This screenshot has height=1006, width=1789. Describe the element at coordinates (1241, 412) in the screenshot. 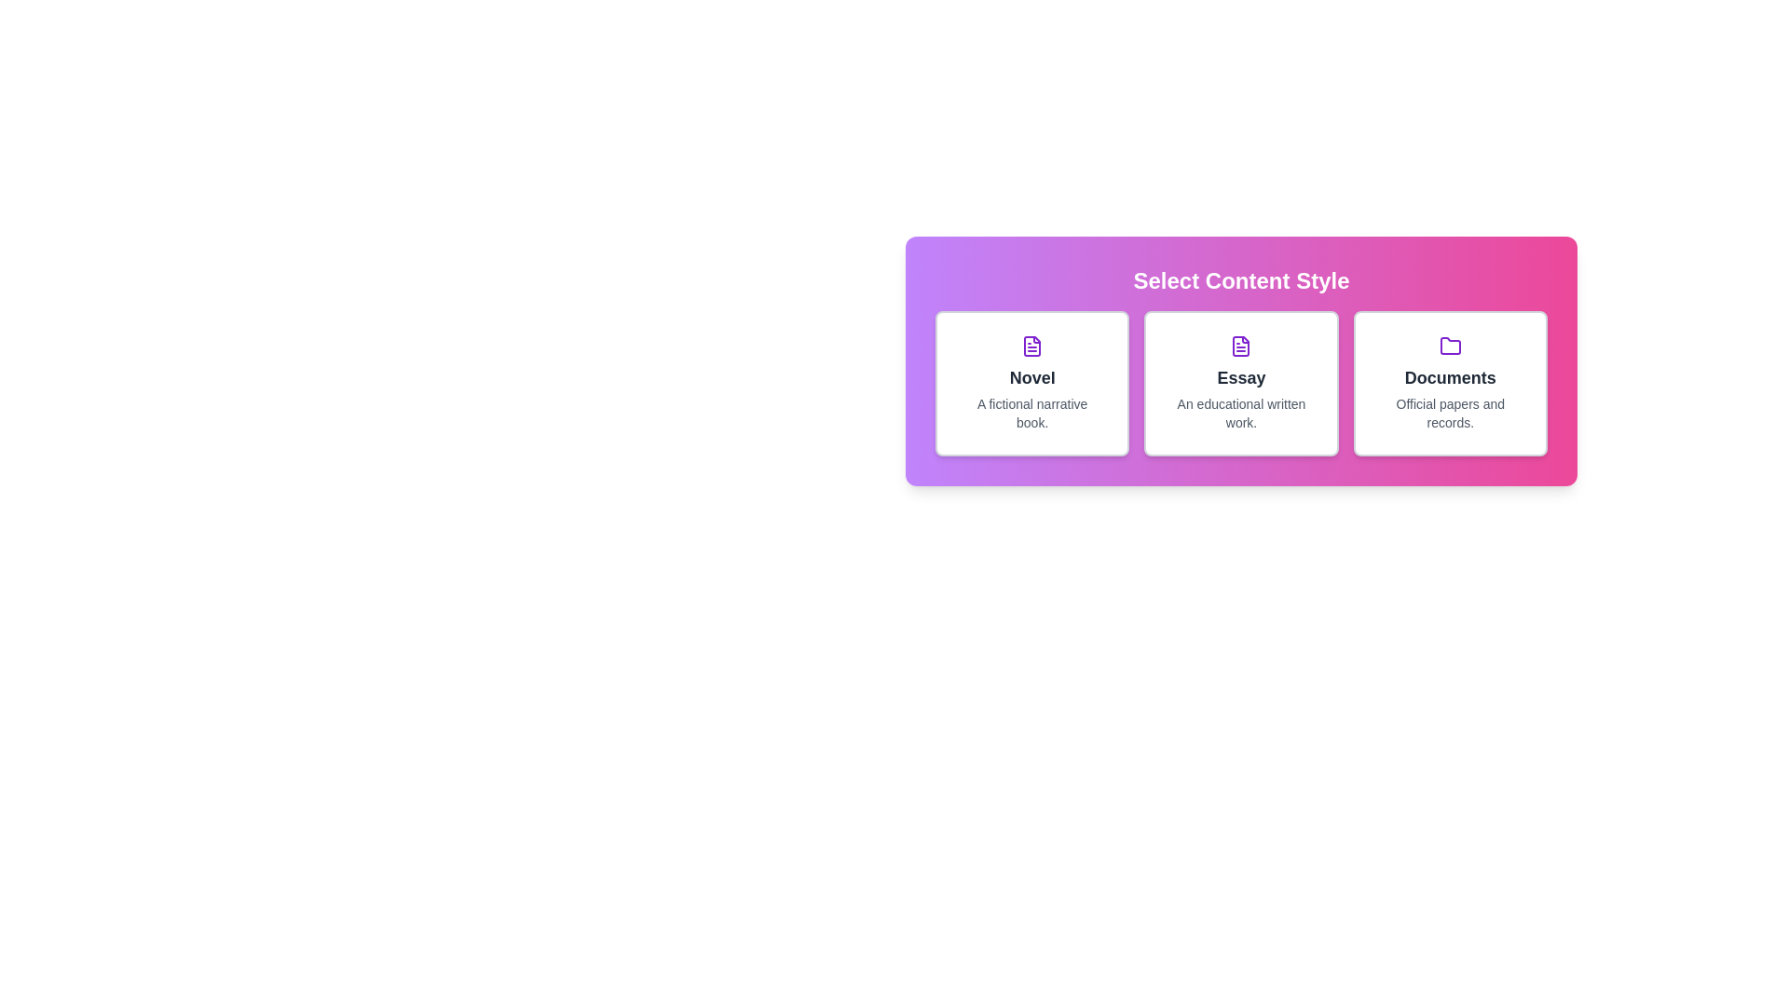

I see `the text line that says 'An educational written work.' positioned centrally beneath the title 'Essay' within the 'Essay' card` at that location.